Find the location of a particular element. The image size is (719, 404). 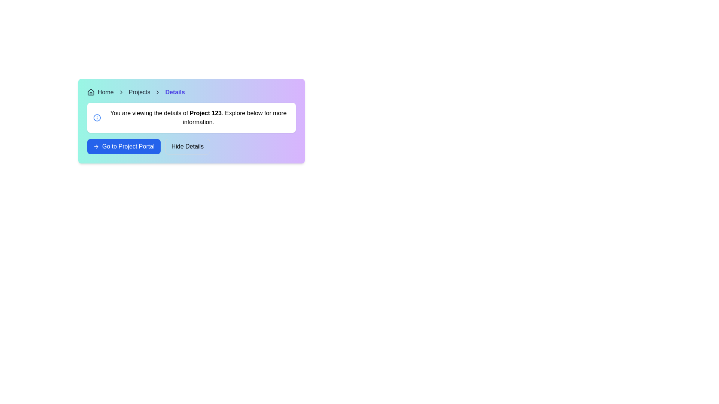

the first chevron icon in the breadcrumb navigation bar that separates 'Home' and 'Projects' is located at coordinates (121, 92).